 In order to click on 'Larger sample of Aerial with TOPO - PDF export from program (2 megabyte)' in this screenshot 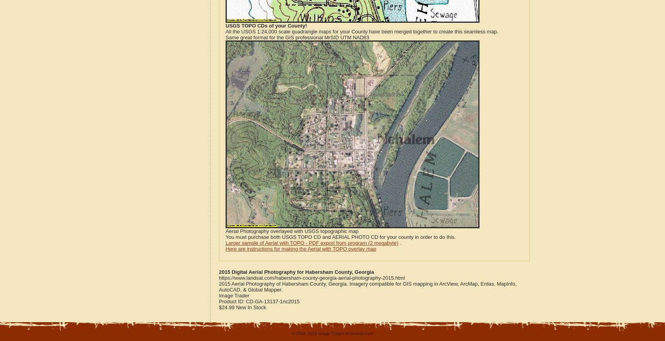, I will do `click(312, 243)`.